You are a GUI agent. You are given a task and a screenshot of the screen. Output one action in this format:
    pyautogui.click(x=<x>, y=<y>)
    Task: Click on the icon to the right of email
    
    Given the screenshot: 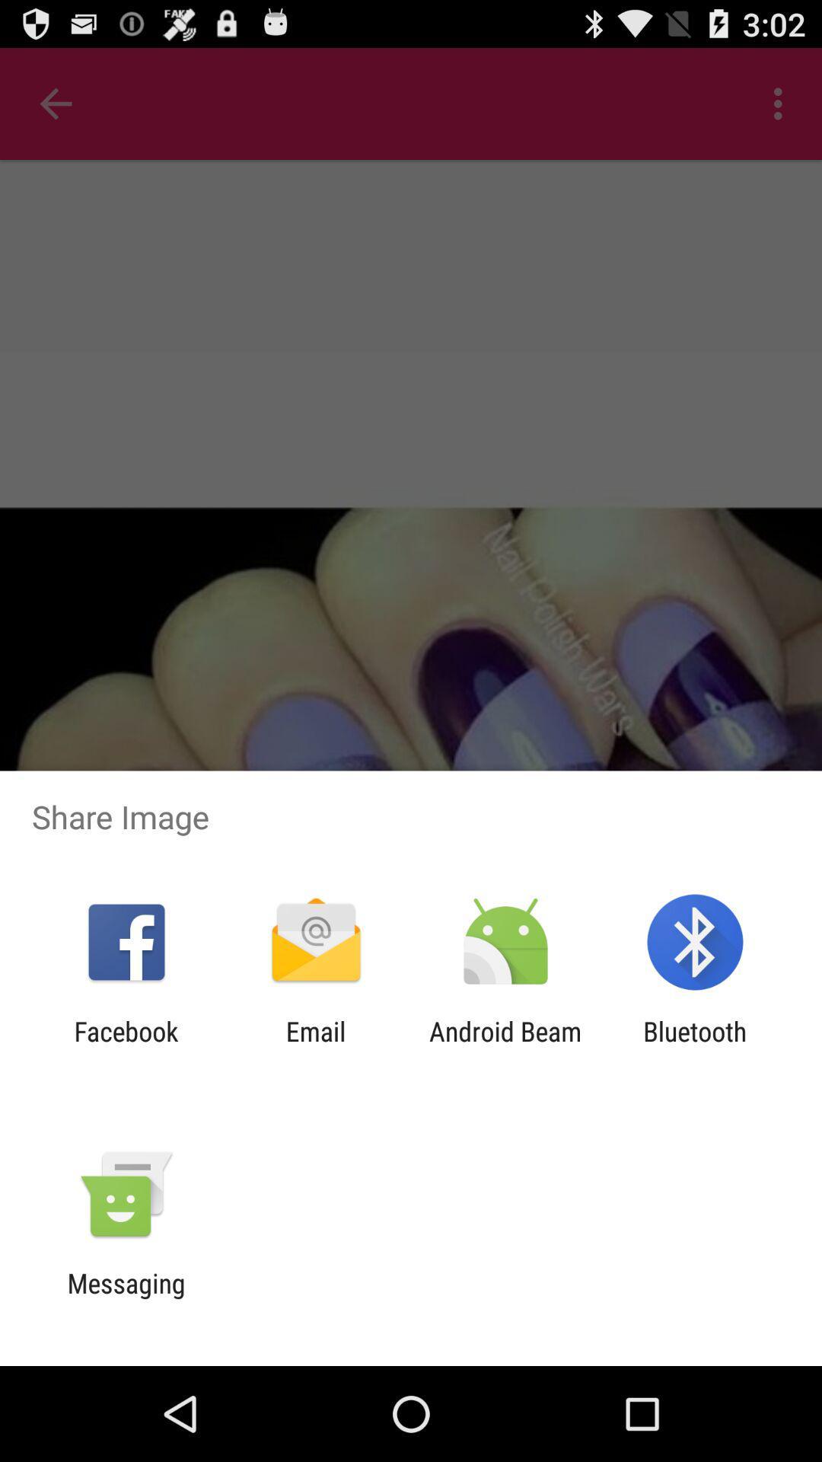 What is the action you would take?
    pyautogui.click(x=505, y=1046)
    